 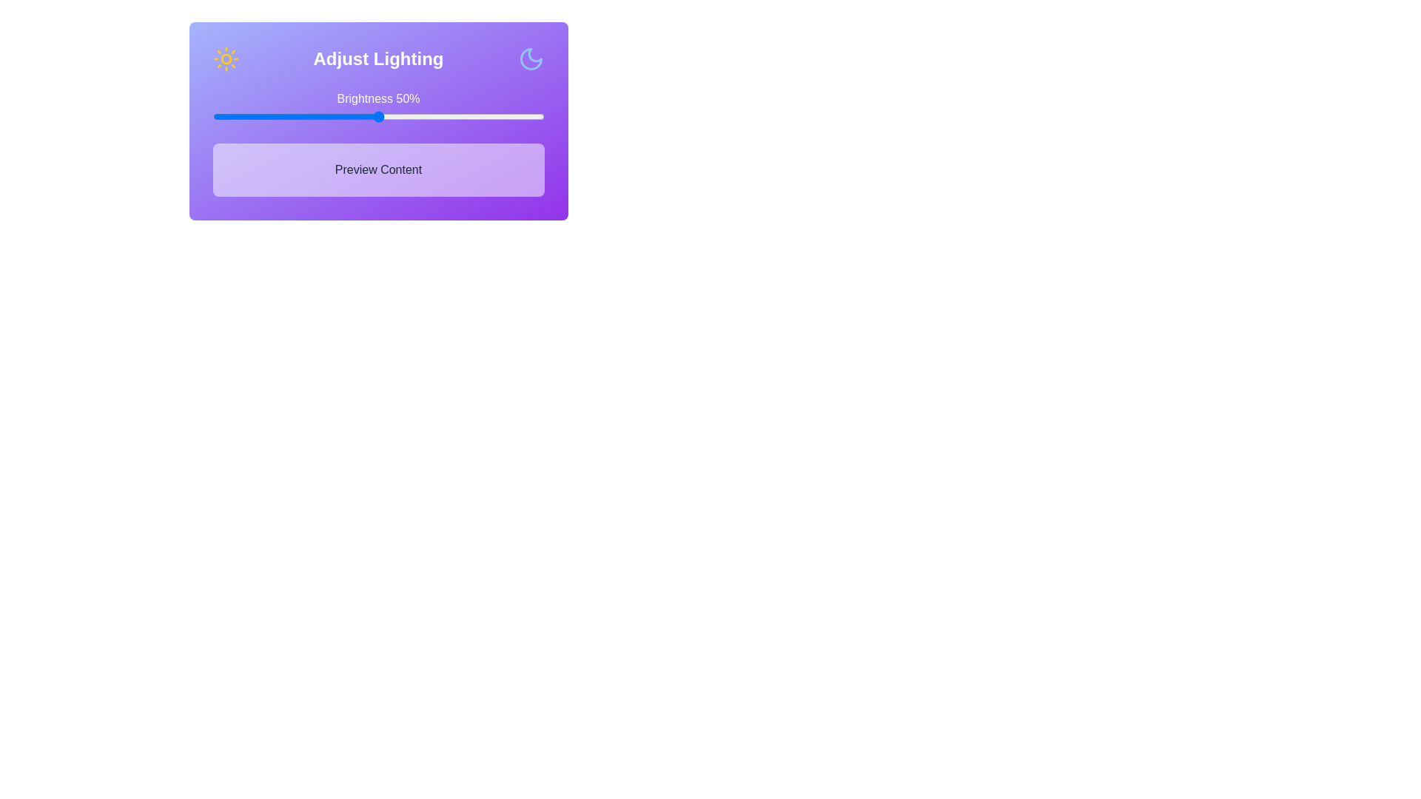 I want to click on the brightness slider to 84% to observe changes in the 'Preview Content' section, so click(x=491, y=116).